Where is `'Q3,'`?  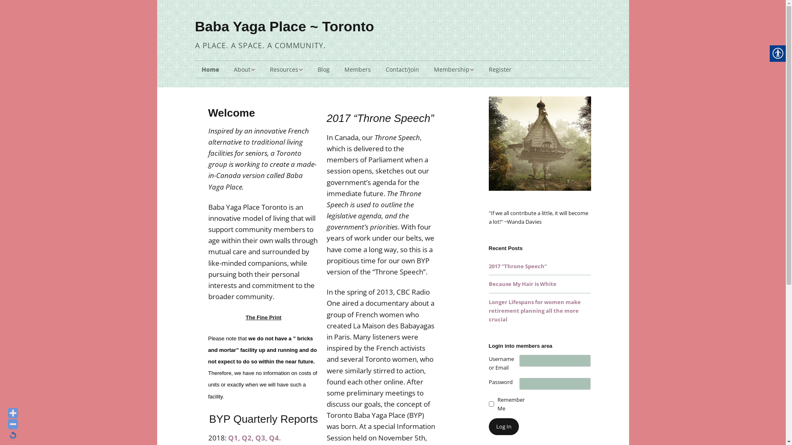
'Q3,' is located at coordinates (255, 437).